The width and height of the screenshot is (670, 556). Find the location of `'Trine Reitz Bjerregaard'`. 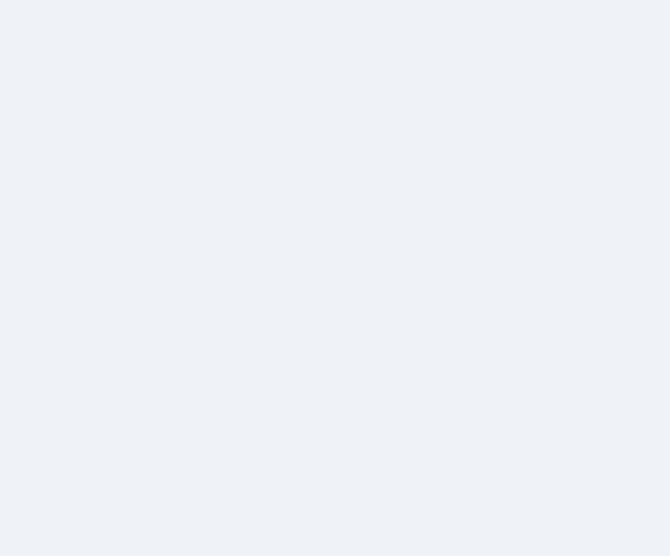

'Trine Reitz Bjerregaard' is located at coordinates (586, 436).